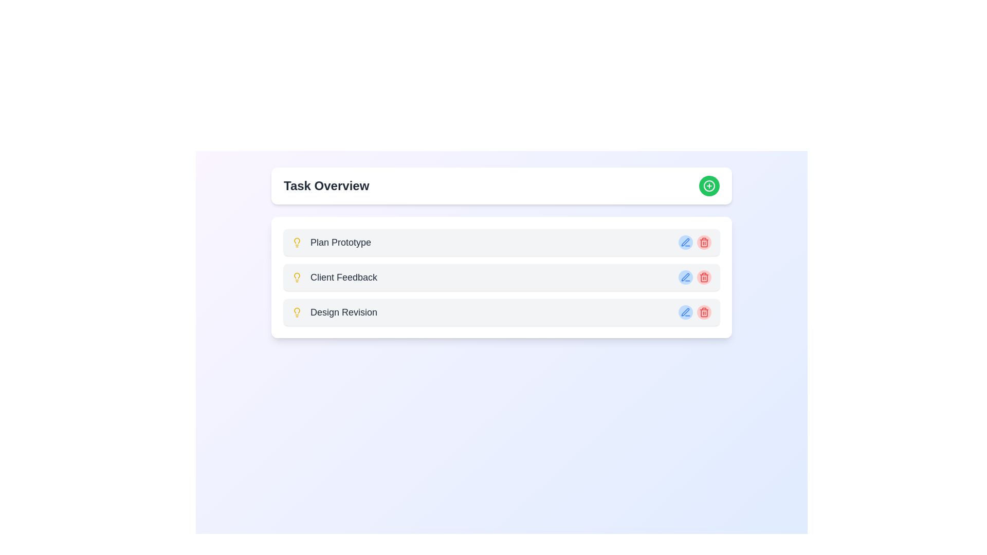 The height and width of the screenshot is (555, 987). Describe the element at coordinates (709, 186) in the screenshot. I see `the circular green button with a white '+' icon located in the top-right corner of the 'Task Overview' section` at that location.